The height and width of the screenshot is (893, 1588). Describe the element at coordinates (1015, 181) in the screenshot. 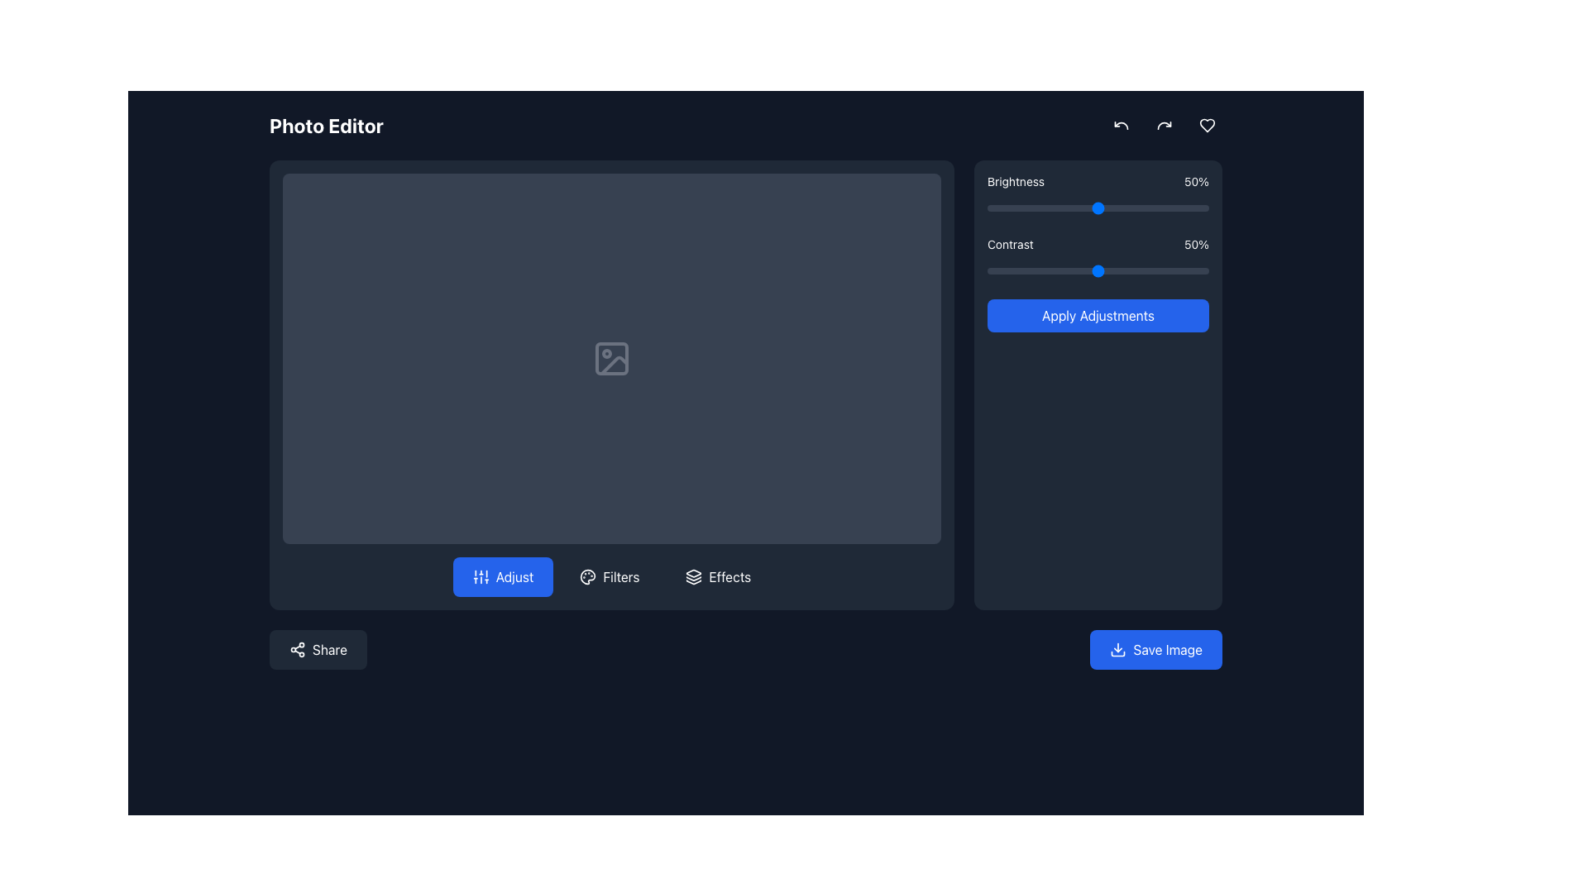

I see `the brightness adjustment label located at the top-left corner of the settings panel, which indicates the functionality for brightness modification` at that location.